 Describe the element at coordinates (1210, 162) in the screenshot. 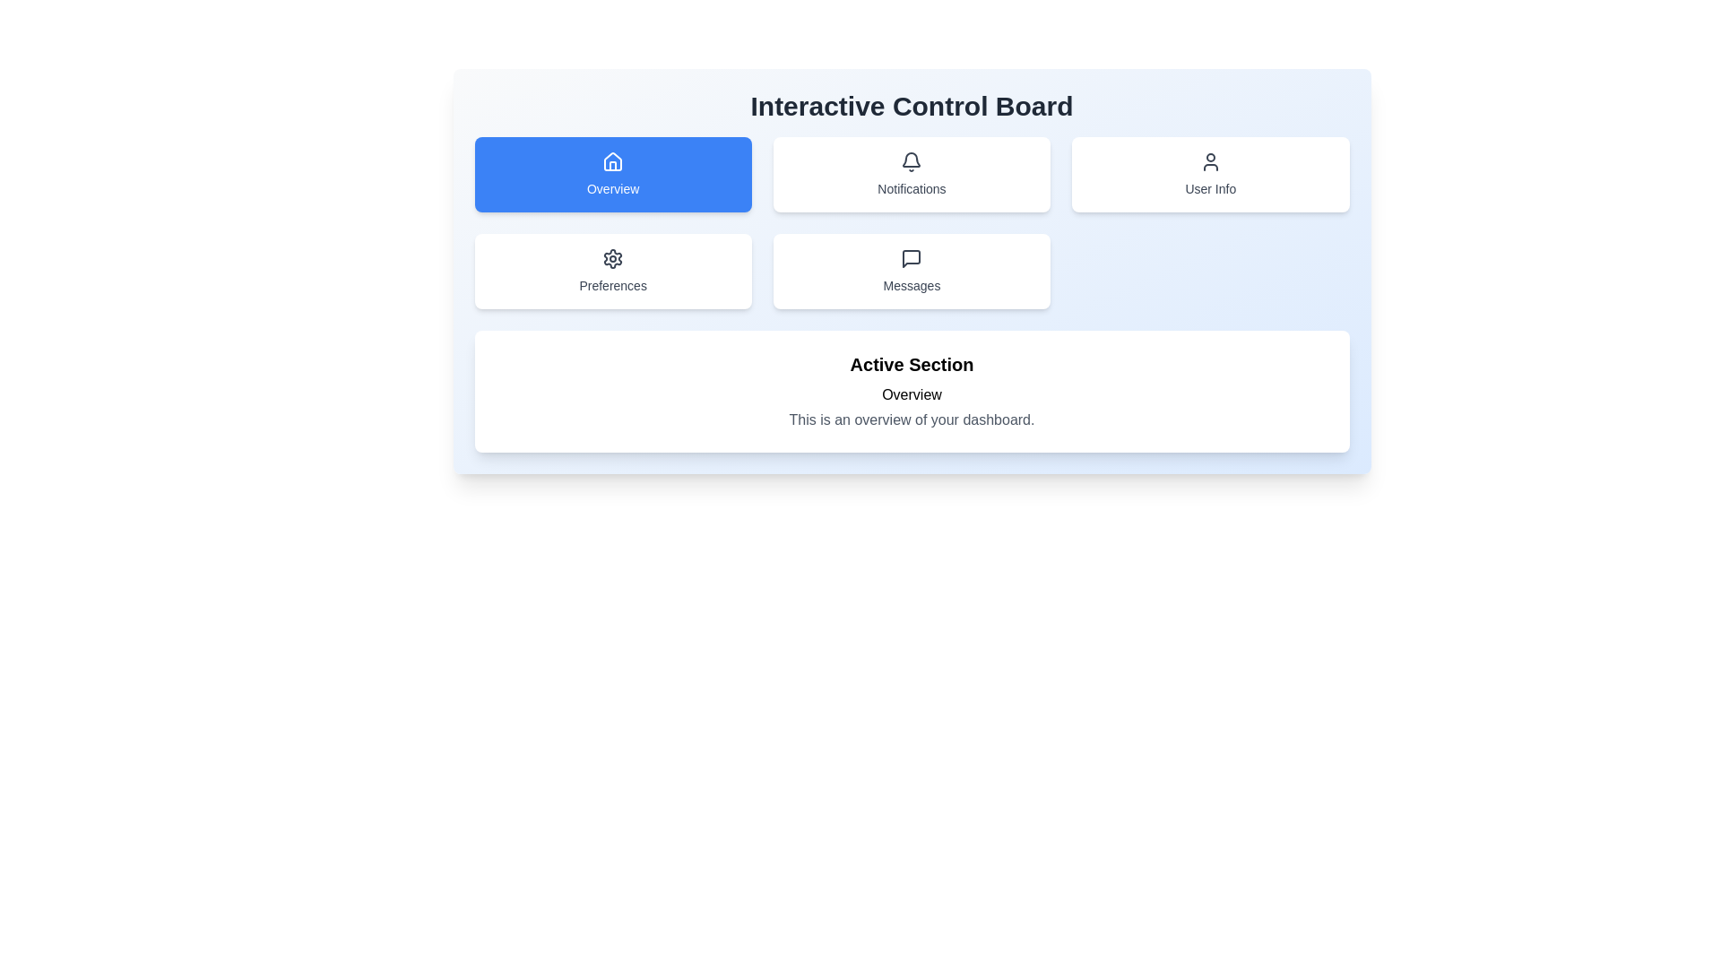

I see `the user icon represented by a rounded figure with a circular head, located at the center of the 'User Info' card` at that location.